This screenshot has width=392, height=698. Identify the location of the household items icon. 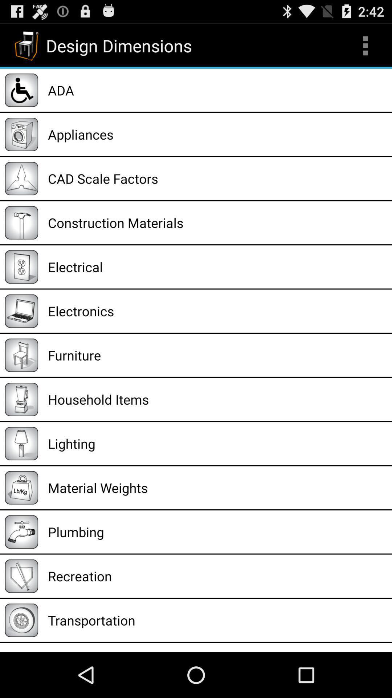
(217, 399).